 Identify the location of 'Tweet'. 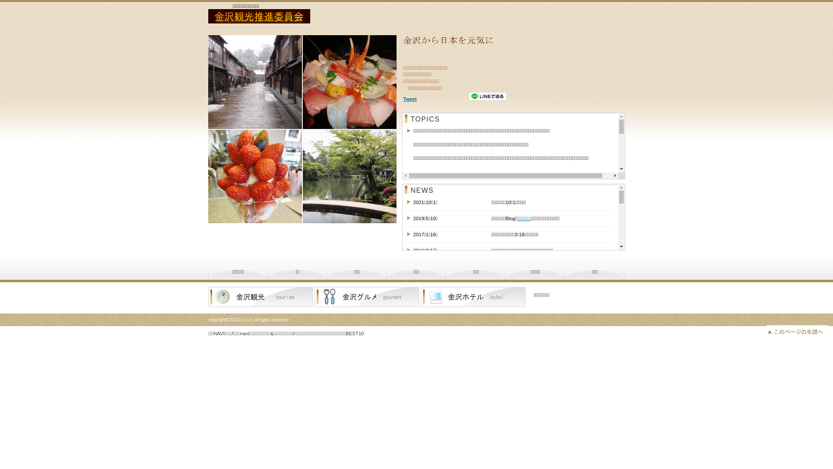
(410, 98).